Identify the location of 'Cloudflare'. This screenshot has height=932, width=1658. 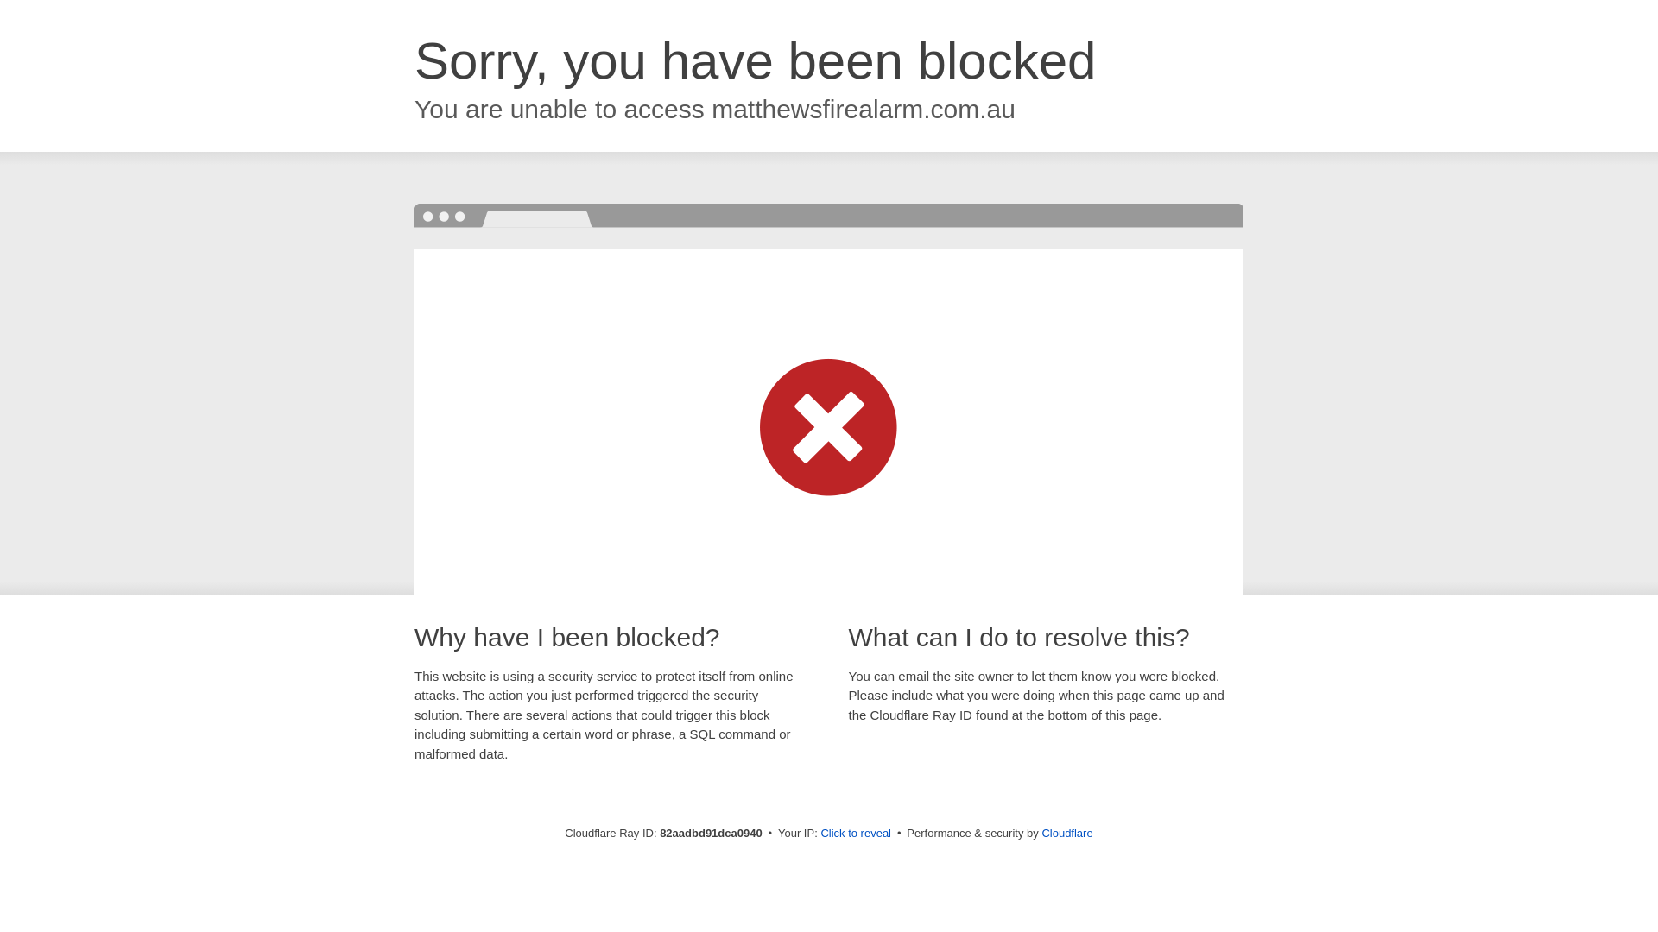
(1066, 832).